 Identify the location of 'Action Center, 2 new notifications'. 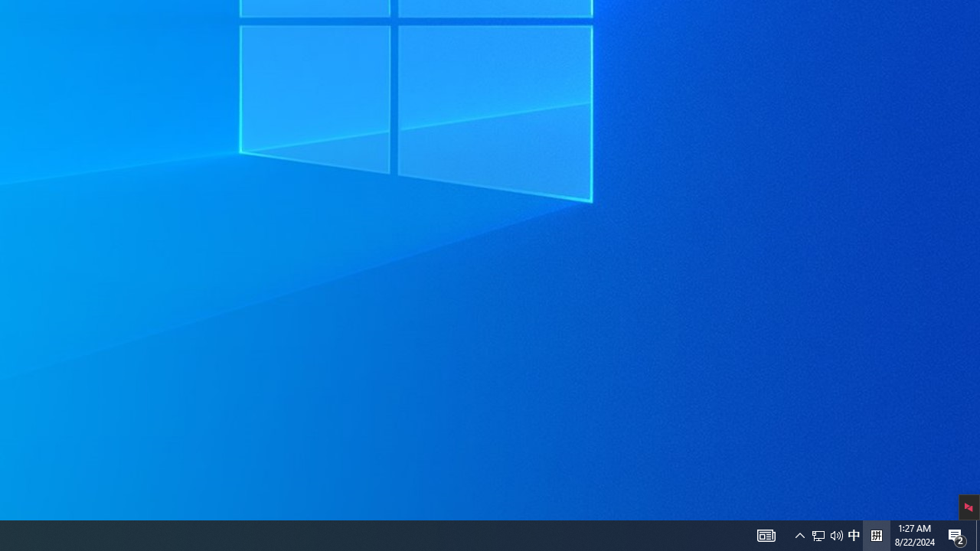
(957, 534).